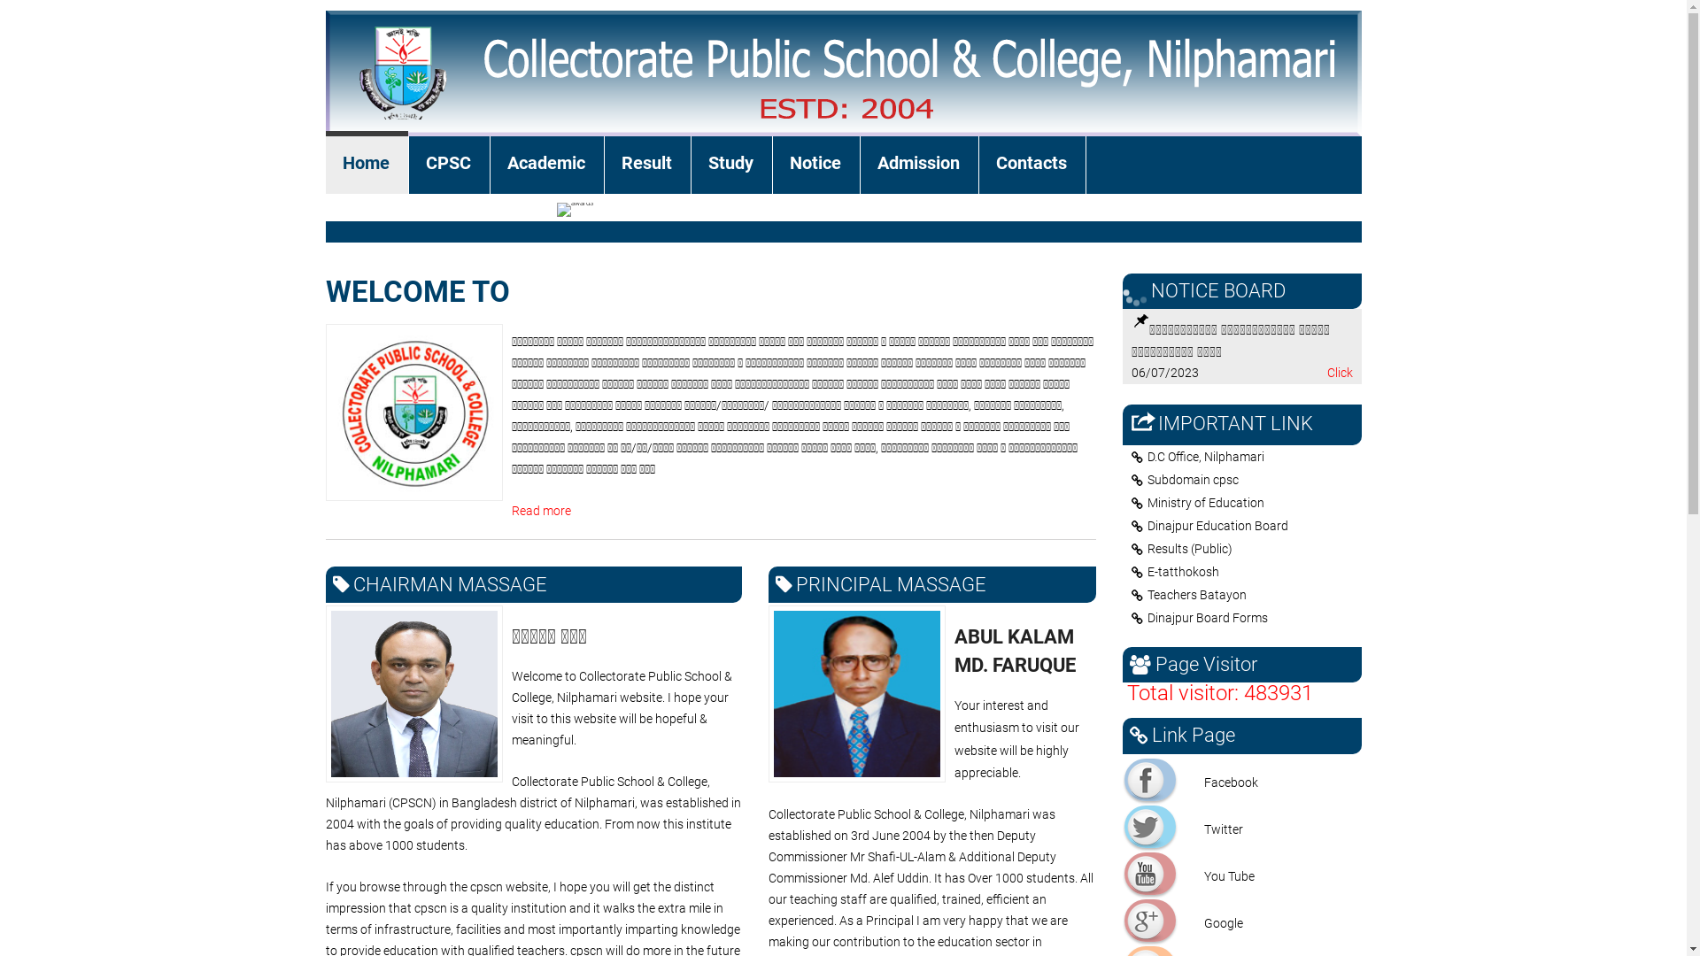  I want to click on 'Result', so click(603, 165).